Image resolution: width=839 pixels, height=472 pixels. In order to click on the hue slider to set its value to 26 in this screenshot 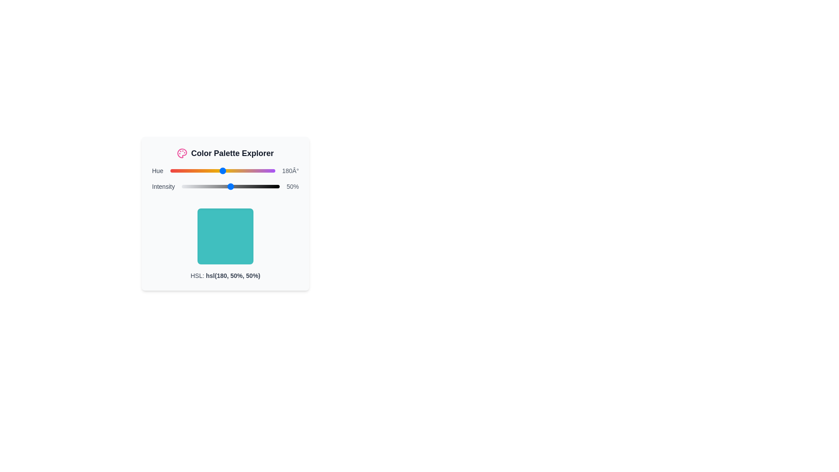, I will do `click(177, 170)`.